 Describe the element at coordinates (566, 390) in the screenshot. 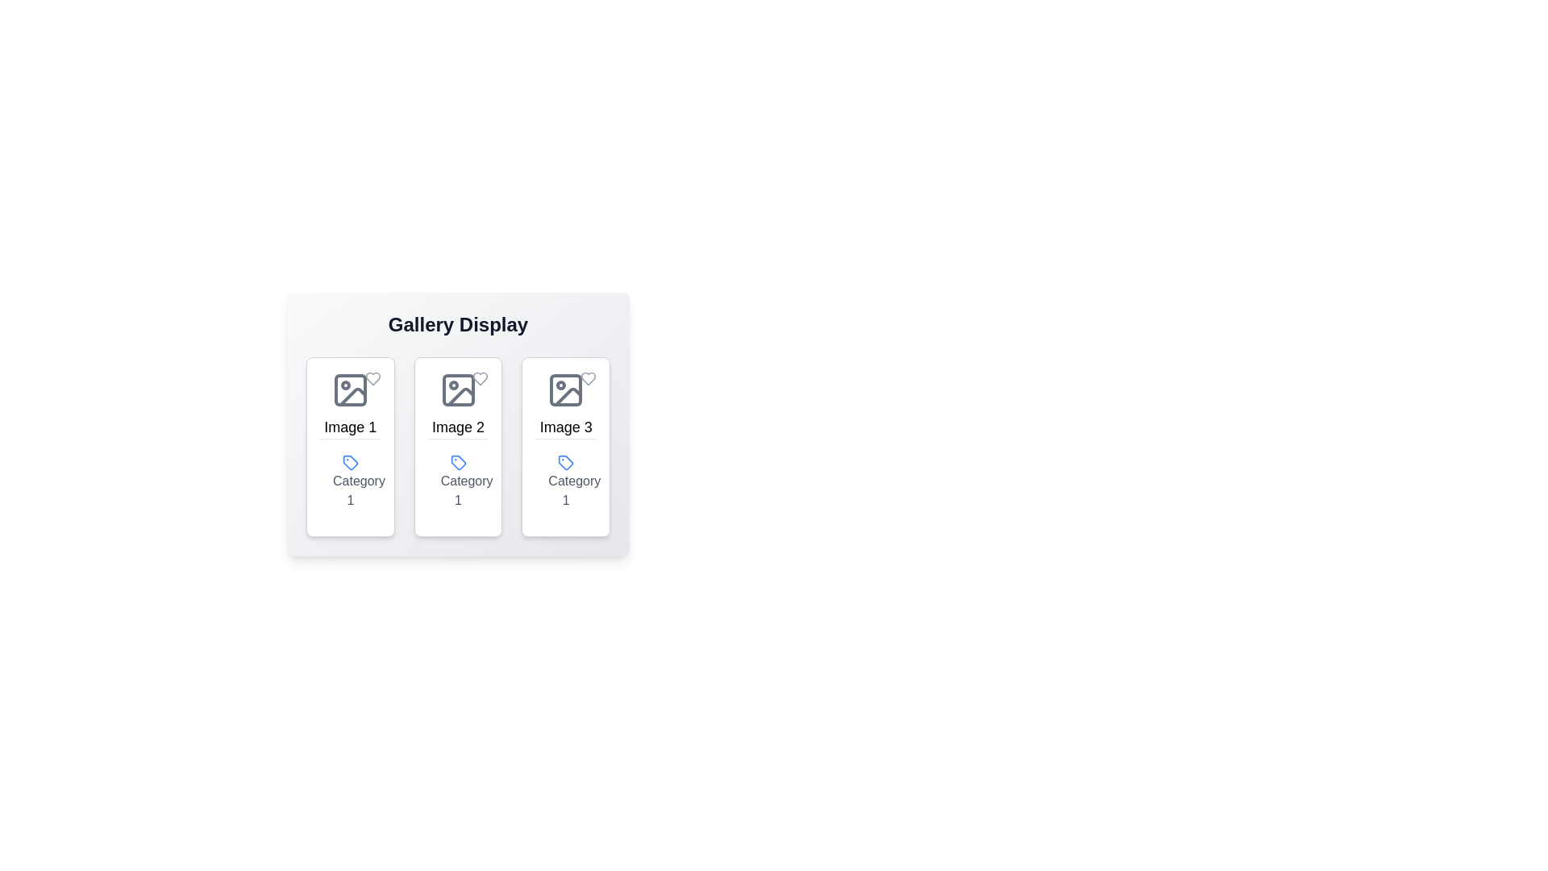

I see `the background shape of the third image placeholder in the gallery display, which serves as the primary visual base for the icon` at that location.